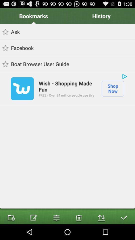 Image resolution: width=135 pixels, height=240 pixels. I want to click on the delete icon, so click(78, 233).